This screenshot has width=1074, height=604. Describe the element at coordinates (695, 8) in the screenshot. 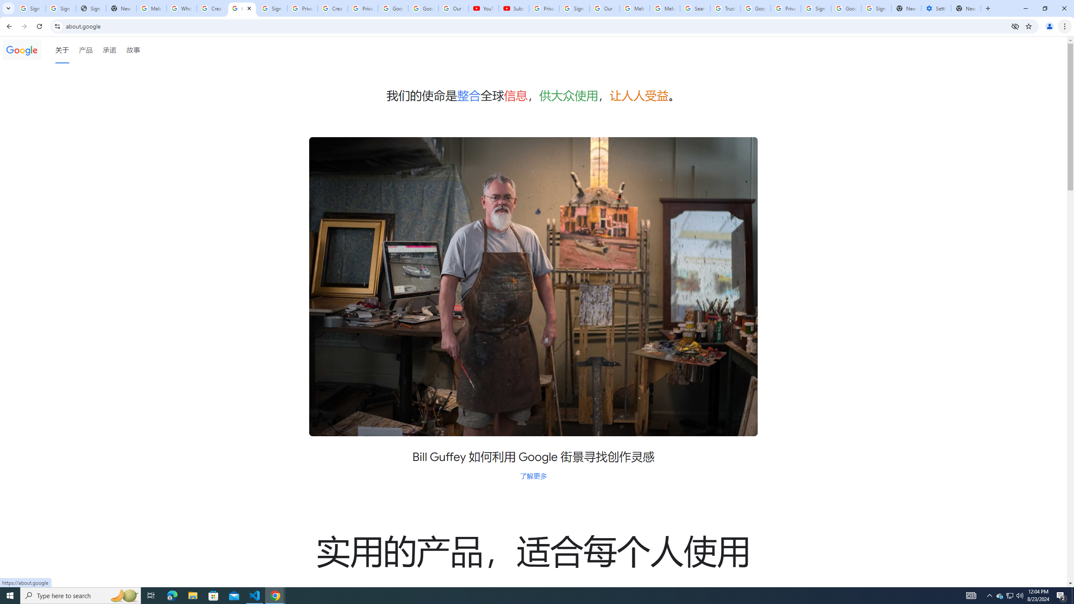

I see `'Search our Doodle Library Collection - Google Doodles'` at that location.